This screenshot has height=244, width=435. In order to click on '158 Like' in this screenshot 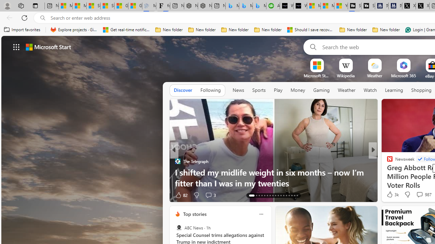, I will do `click(391, 195)`.